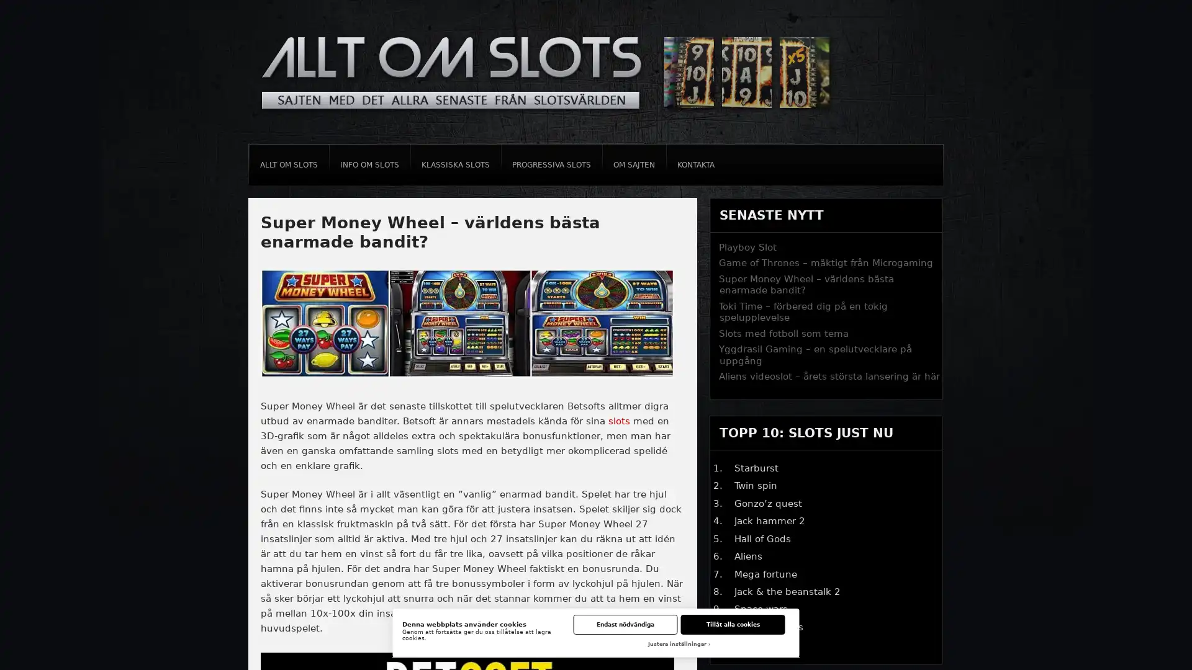  Describe the element at coordinates (625, 624) in the screenshot. I see `Endast nodvandiga` at that location.